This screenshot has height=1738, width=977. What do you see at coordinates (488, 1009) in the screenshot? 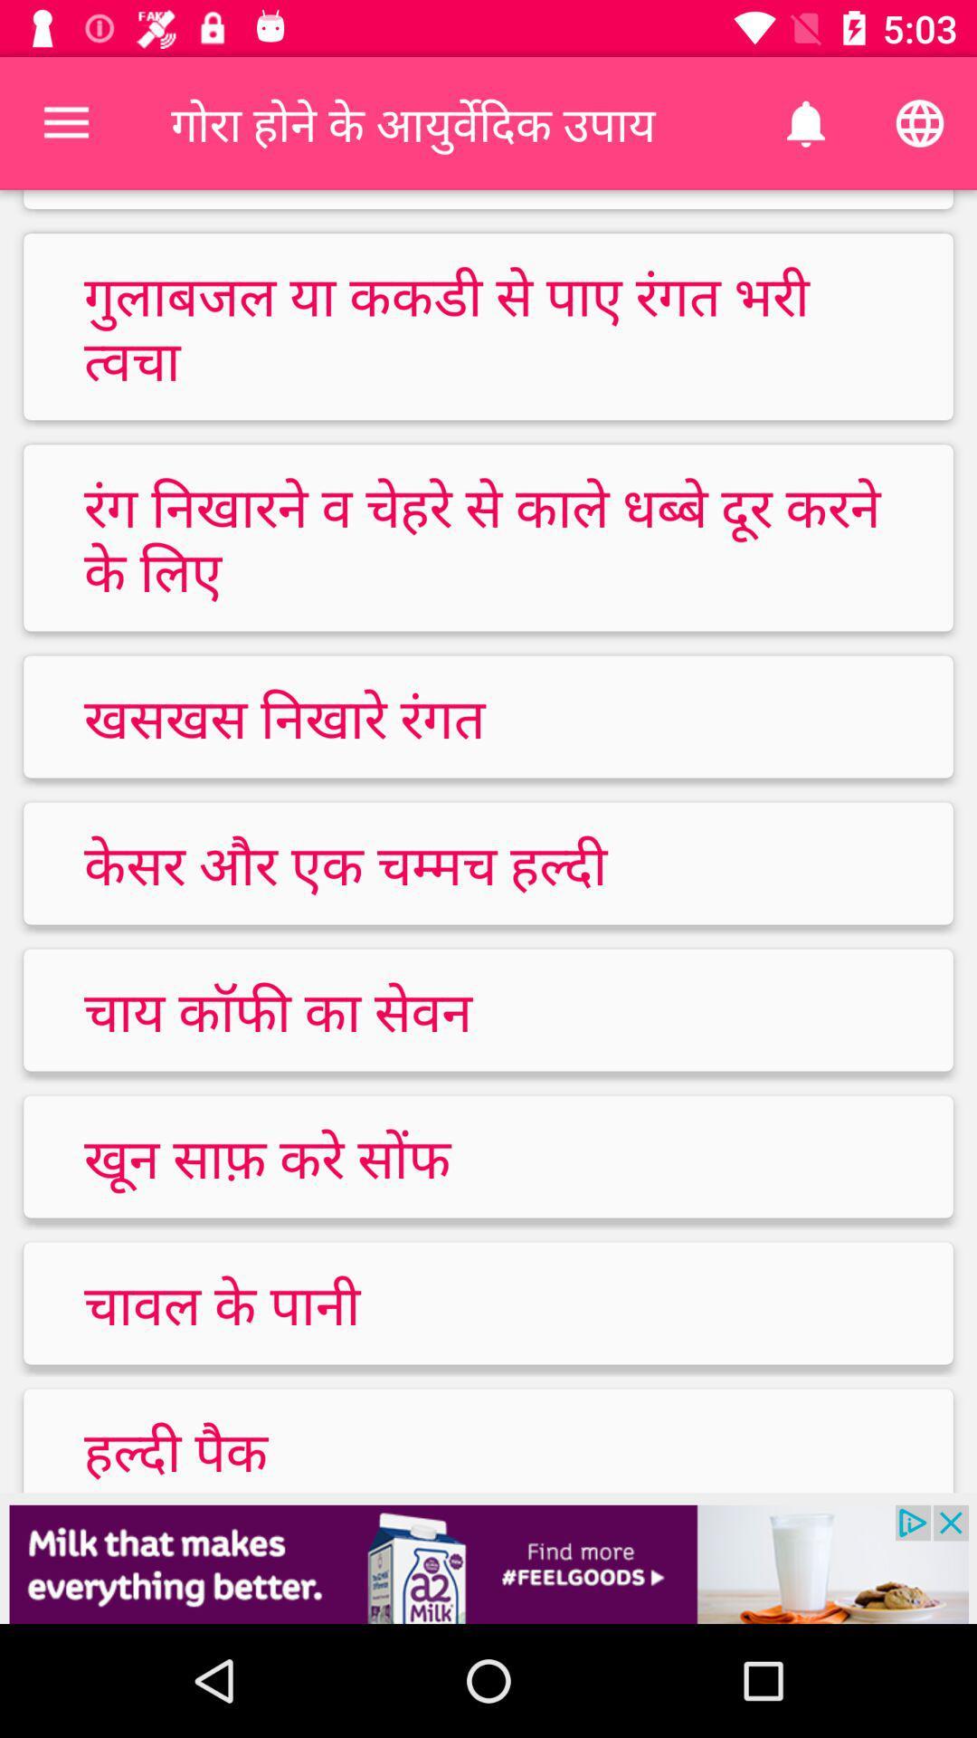
I see `the fifth option` at bounding box center [488, 1009].